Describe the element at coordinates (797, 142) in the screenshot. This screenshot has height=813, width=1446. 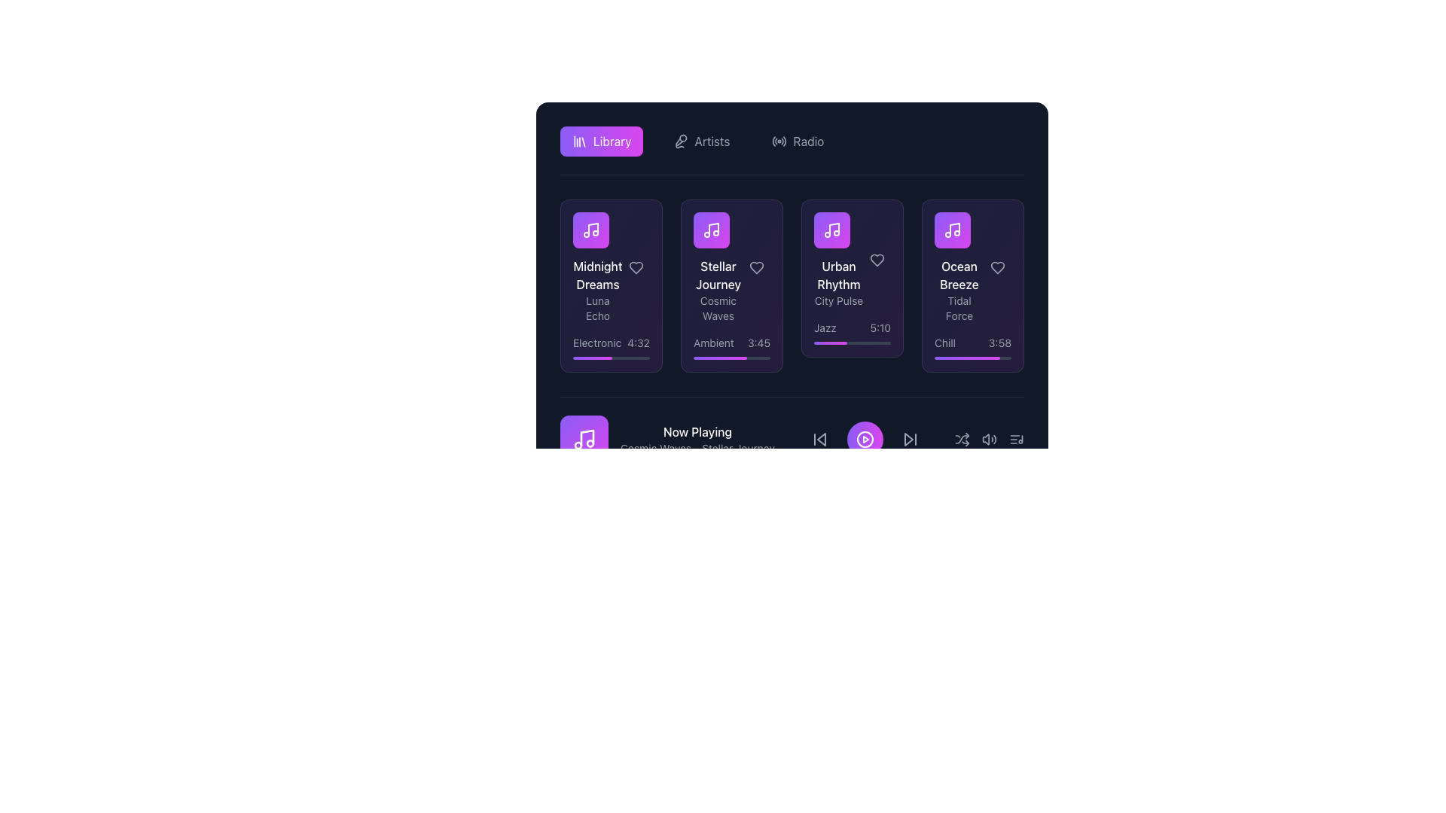
I see `the 'Radio' navigation button, which is the third option in a horizontal row of navigation buttons labeled 'Radio', 'Library', and 'Artists'` at that location.